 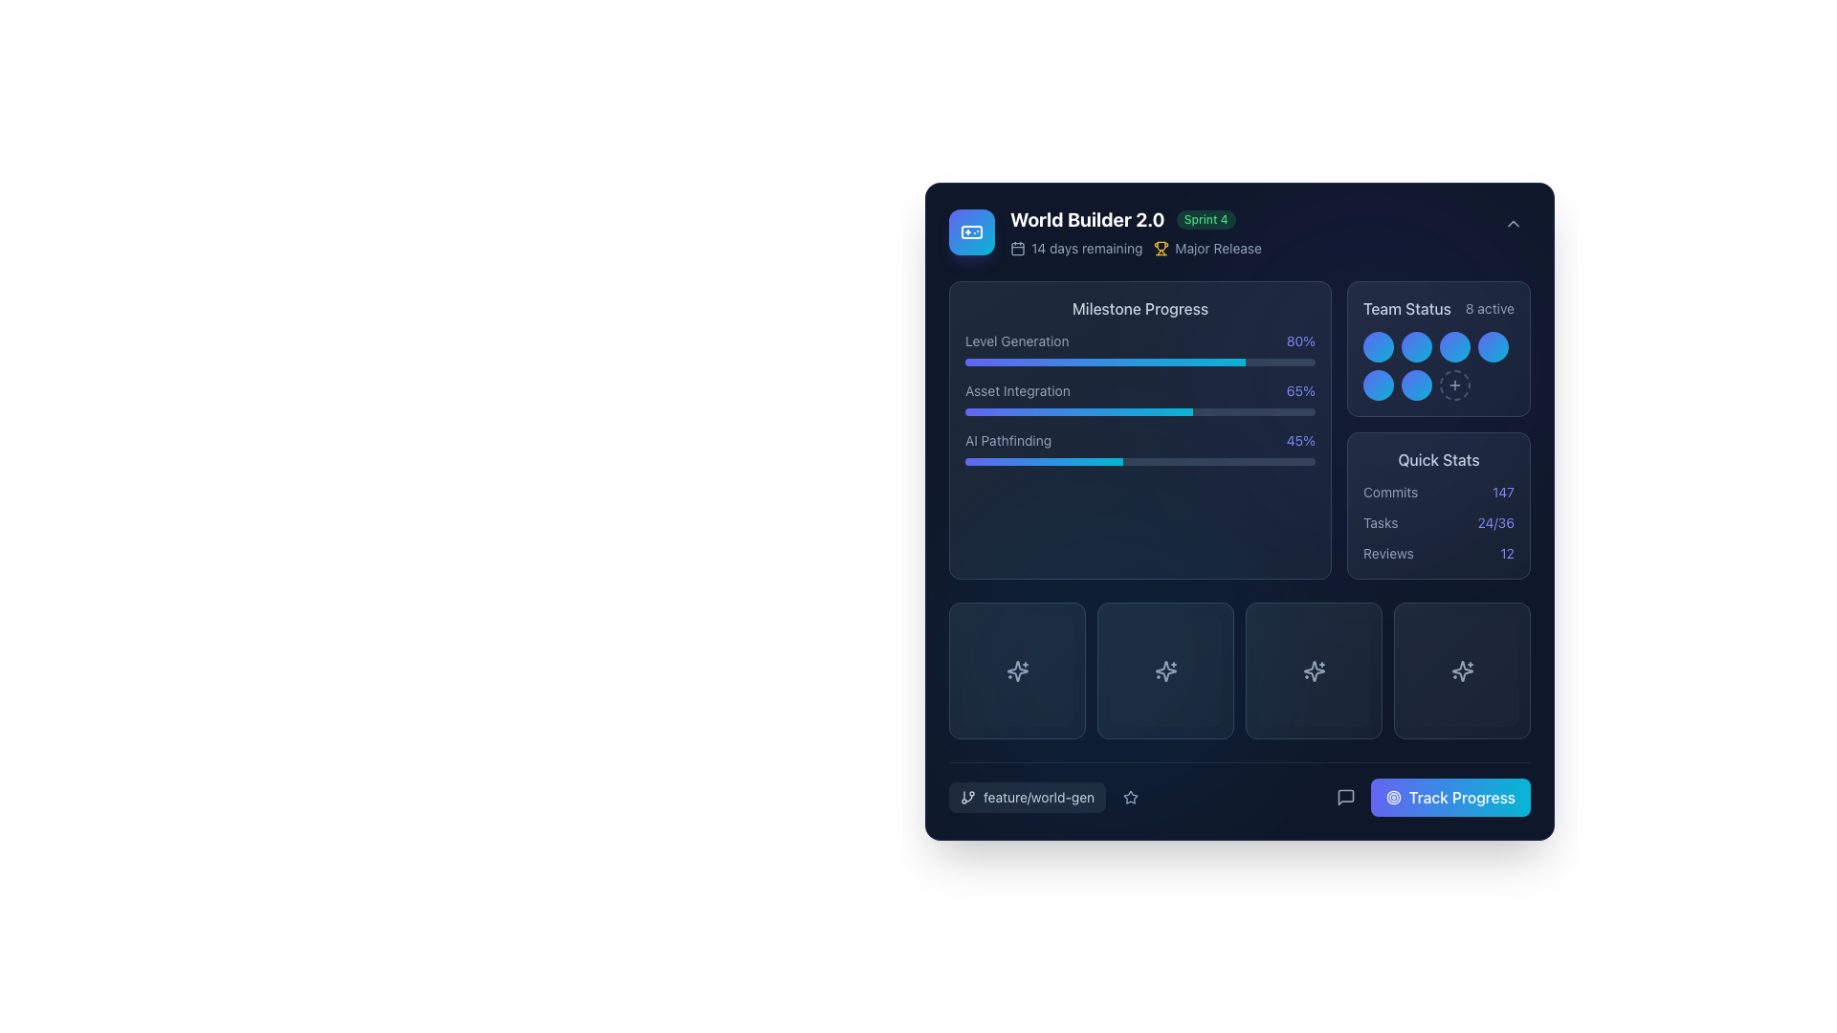 What do you see at coordinates (1161, 245) in the screenshot?
I see `the trophy-like amber icon located at the top right of the World Builder dashboard, which signifies achievement` at bounding box center [1161, 245].